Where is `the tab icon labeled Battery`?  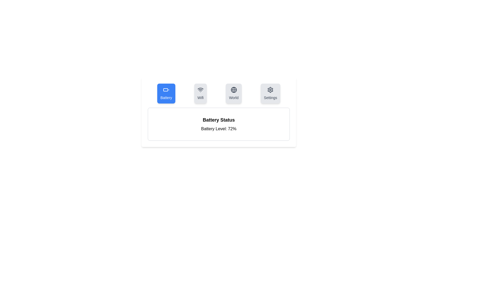 the tab icon labeled Battery is located at coordinates (166, 93).